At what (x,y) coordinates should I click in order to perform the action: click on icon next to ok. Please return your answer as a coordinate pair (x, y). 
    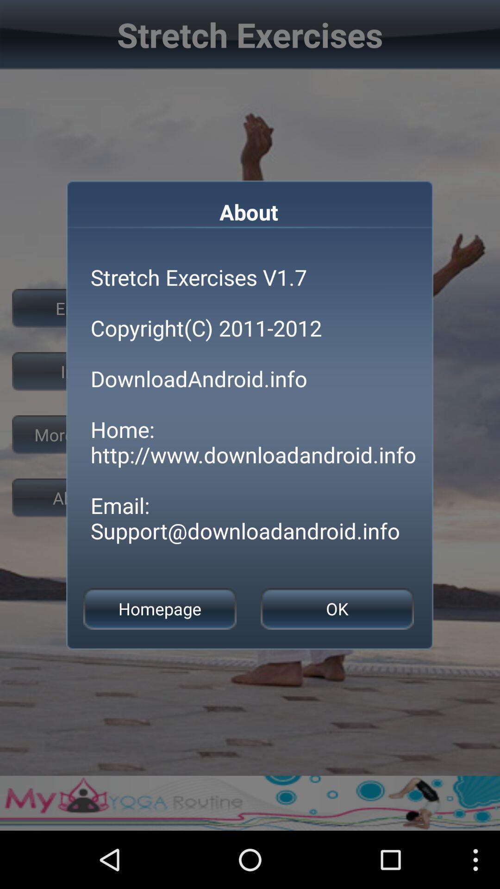
    Looking at the image, I should click on (159, 609).